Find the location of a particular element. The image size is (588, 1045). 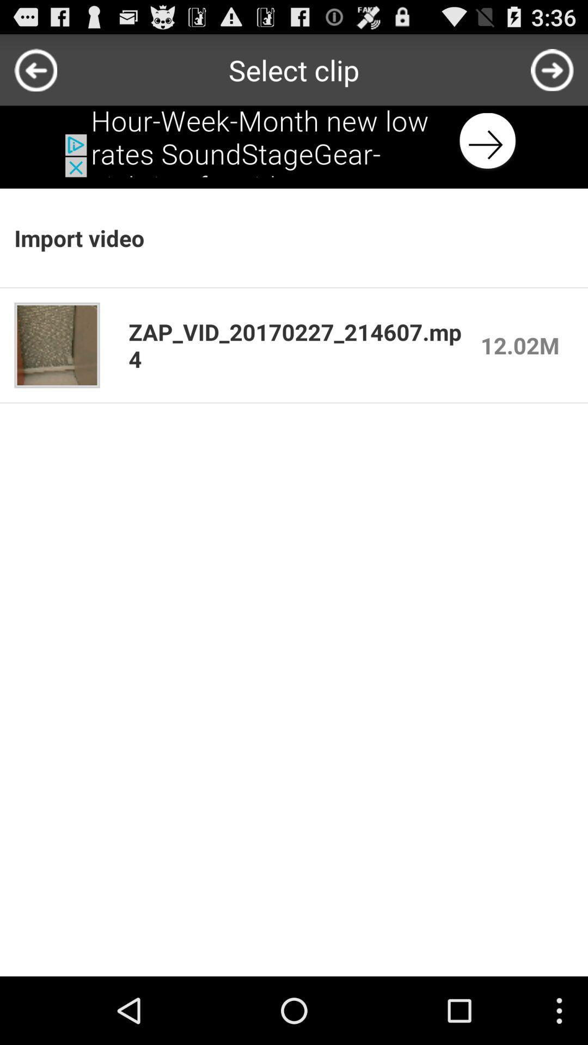

next button is located at coordinates (294, 140).